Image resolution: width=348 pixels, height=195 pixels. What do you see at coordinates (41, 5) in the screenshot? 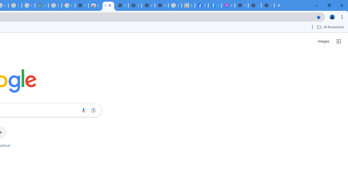
I see `'Google Maps'` at bounding box center [41, 5].